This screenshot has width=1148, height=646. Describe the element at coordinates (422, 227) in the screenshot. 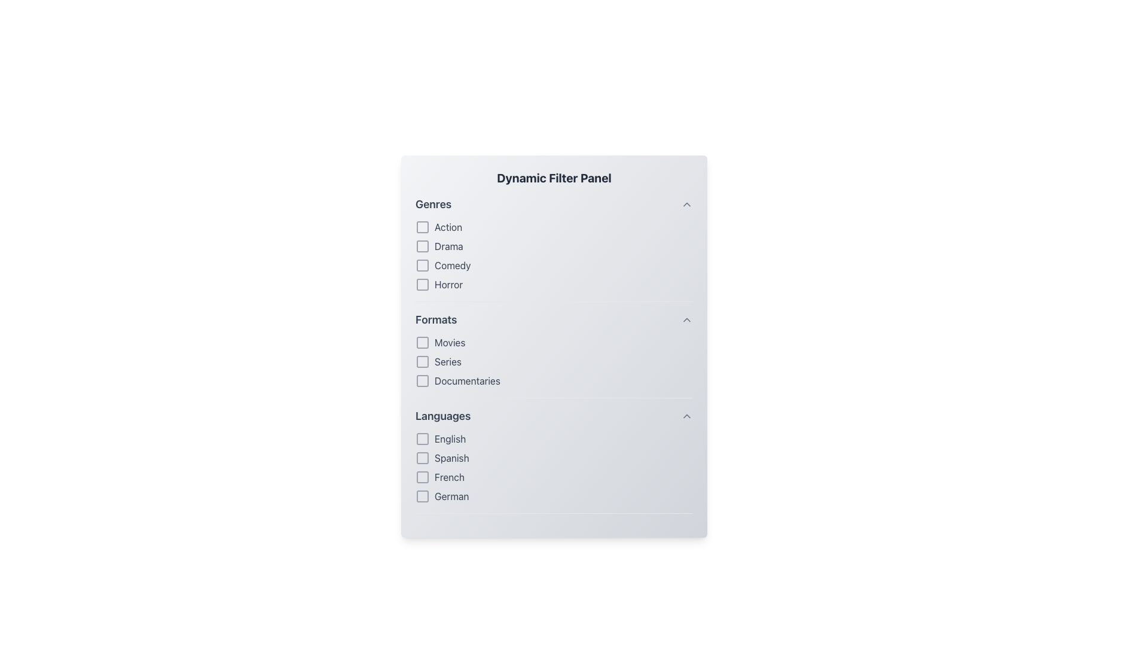

I see `the checkbox for the 'Action' genre located at the top of the list in the filter panel` at that location.